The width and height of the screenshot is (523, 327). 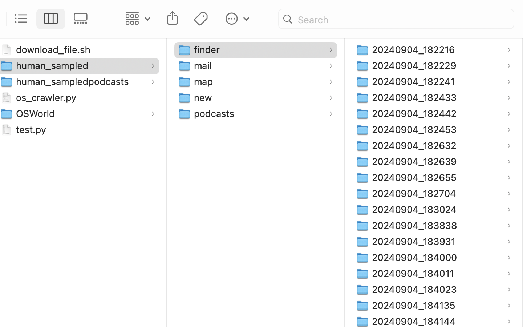 I want to click on '20240904_182216', so click(x=415, y=49).